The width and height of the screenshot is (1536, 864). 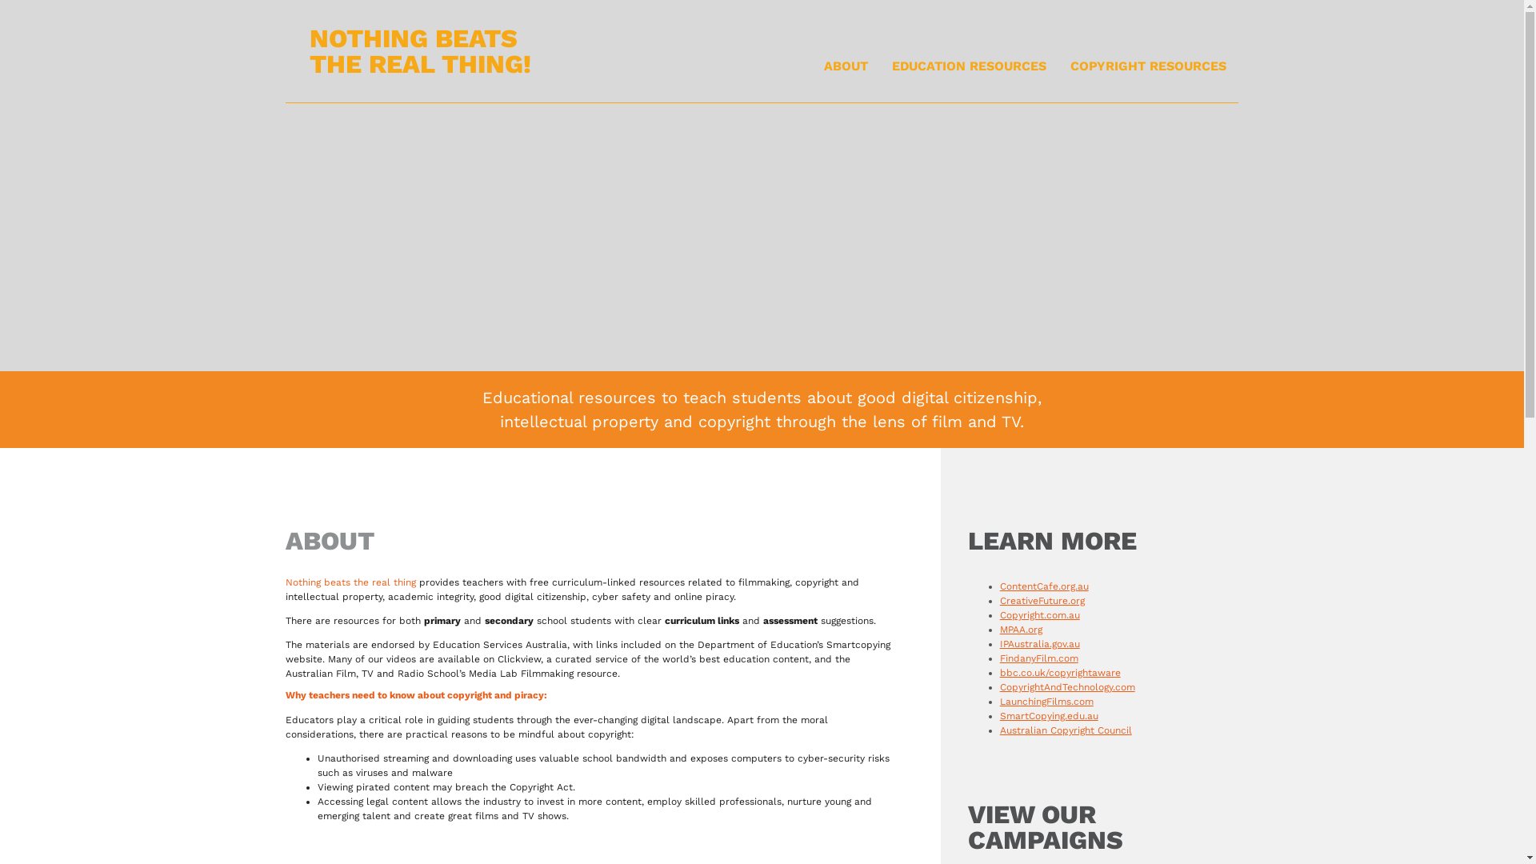 What do you see at coordinates (998, 672) in the screenshot?
I see `'bbc.co.uk/copyrightaware'` at bounding box center [998, 672].